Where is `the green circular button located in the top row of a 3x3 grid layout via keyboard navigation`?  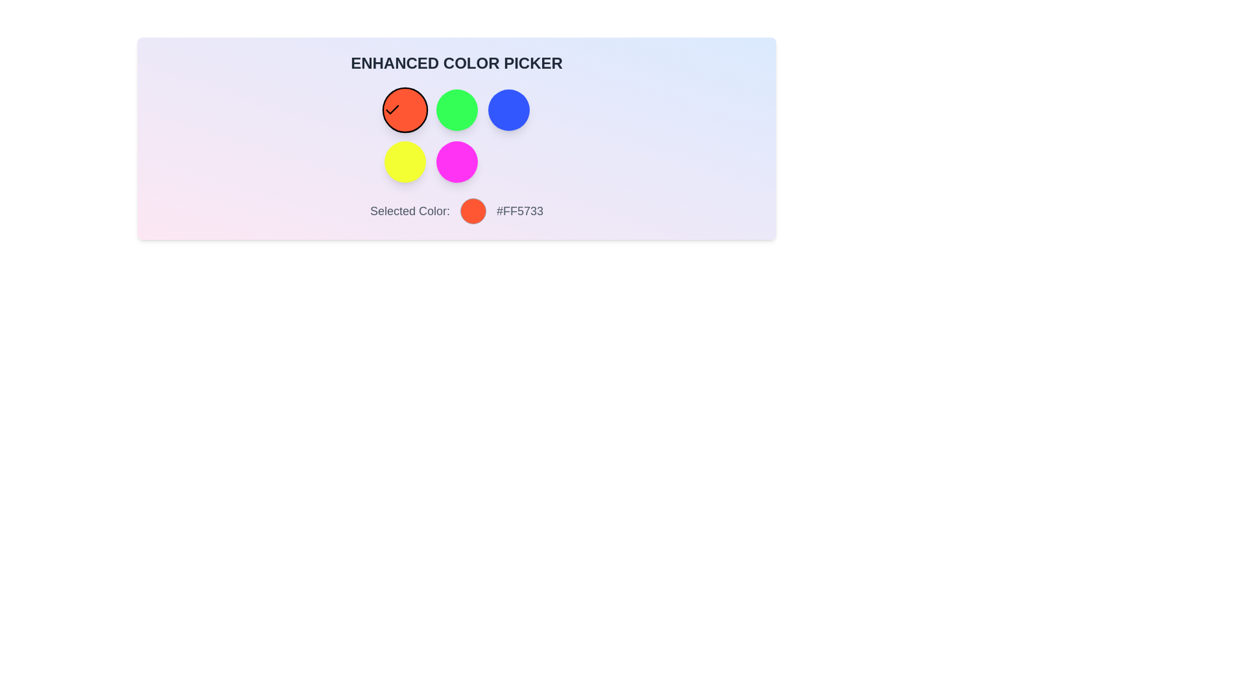
the green circular button located in the top row of a 3x3 grid layout via keyboard navigation is located at coordinates (456, 109).